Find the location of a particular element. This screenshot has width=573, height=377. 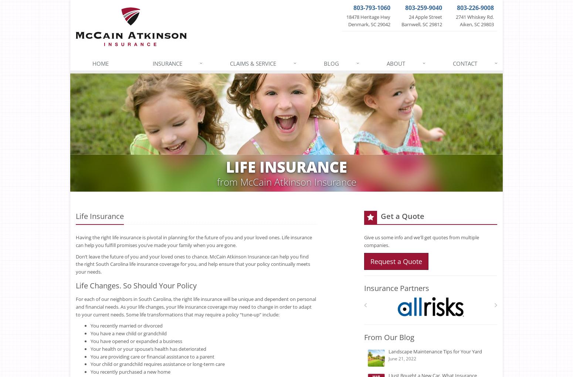

'Aiken, SC 29803' is located at coordinates (460, 24).